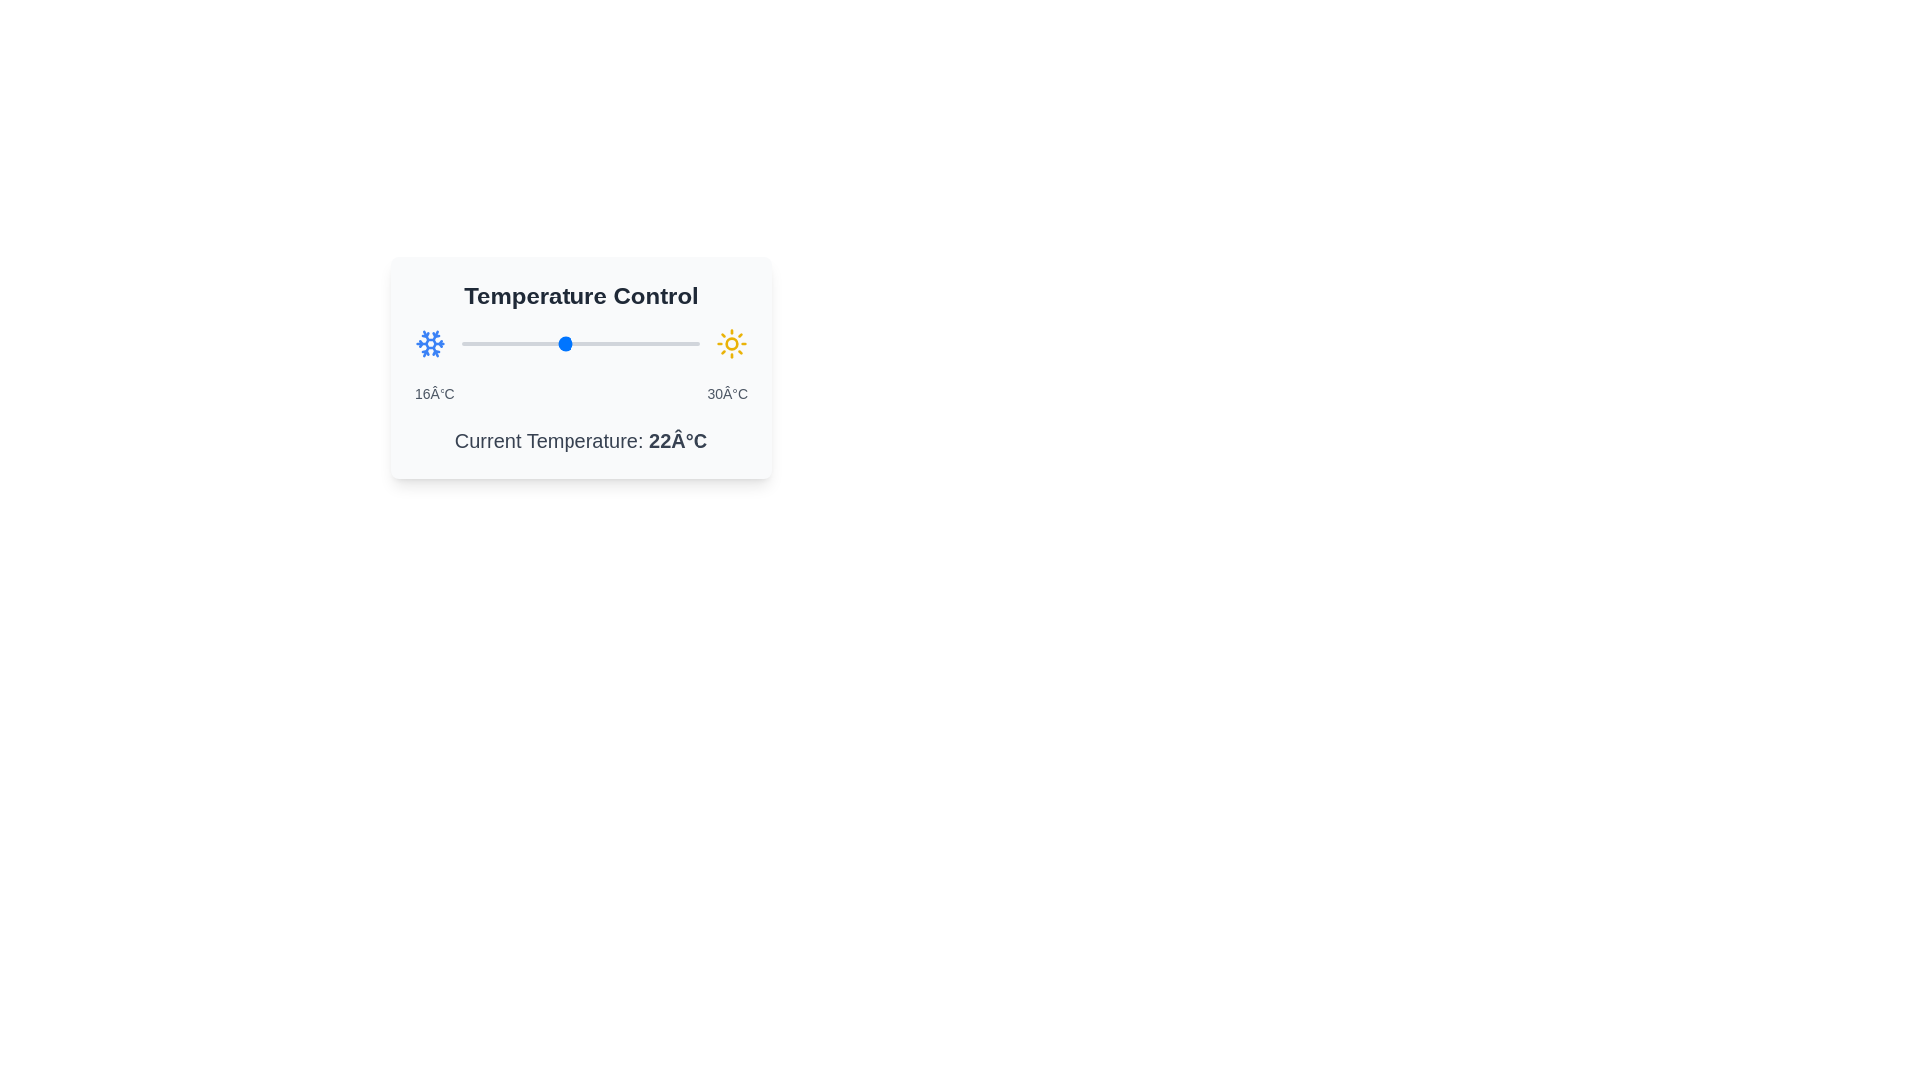 The image size is (1905, 1071). What do you see at coordinates (530, 343) in the screenshot?
I see `the temperature to 20°C using the slider` at bounding box center [530, 343].